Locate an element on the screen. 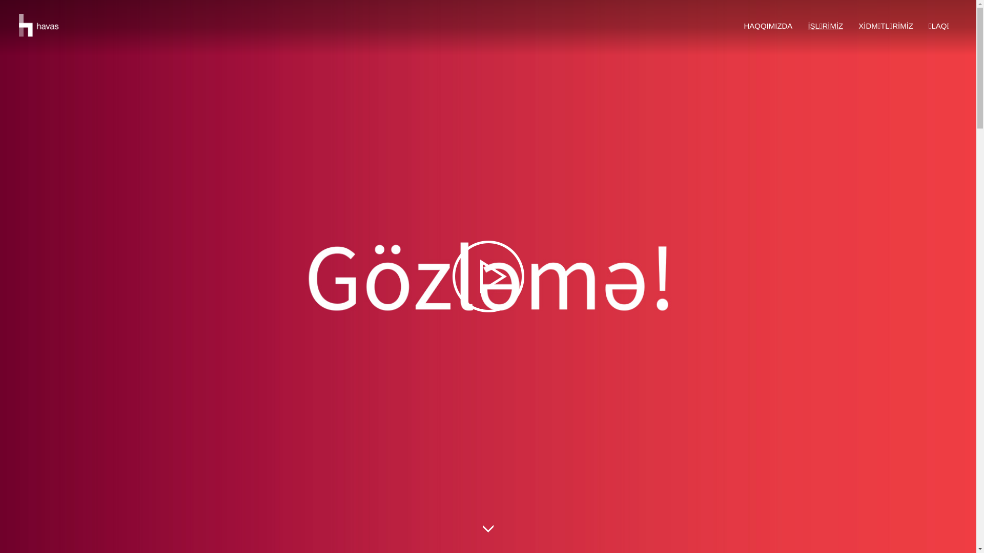  'HAQQIMIZDA' is located at coordinates (768, 25).